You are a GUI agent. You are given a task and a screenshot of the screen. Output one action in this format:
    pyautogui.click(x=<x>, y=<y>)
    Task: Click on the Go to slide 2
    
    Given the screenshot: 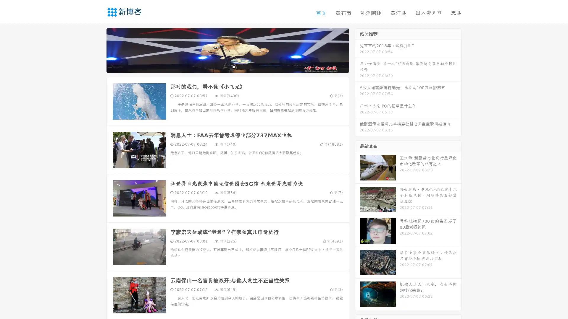 What is the action you would take?
    pyautogui.click(x=227, y=66)
    